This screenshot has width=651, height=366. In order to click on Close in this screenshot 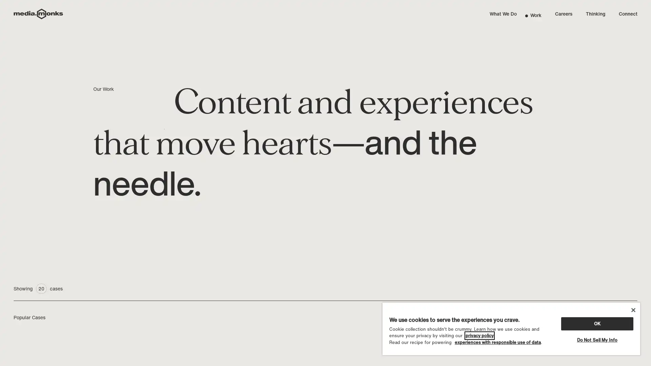, I will do `click(633, 310)`.